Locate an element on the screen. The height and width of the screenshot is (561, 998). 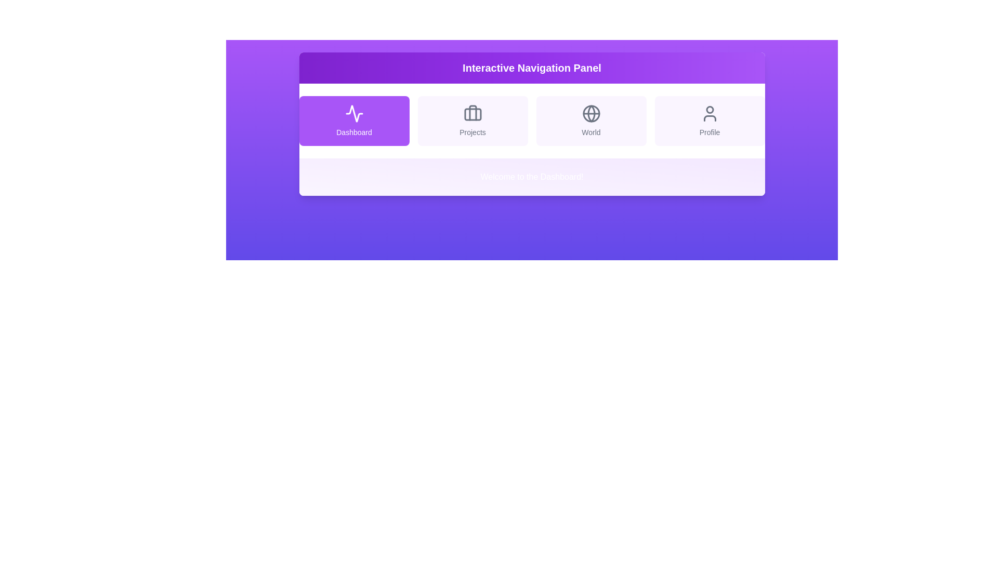
the decorative graphical element of the 'Projects' icon in the top navigation bar, which is a rectangular shape with rounded corners and part of a briefcase icon is located at coordinates (472, 114).